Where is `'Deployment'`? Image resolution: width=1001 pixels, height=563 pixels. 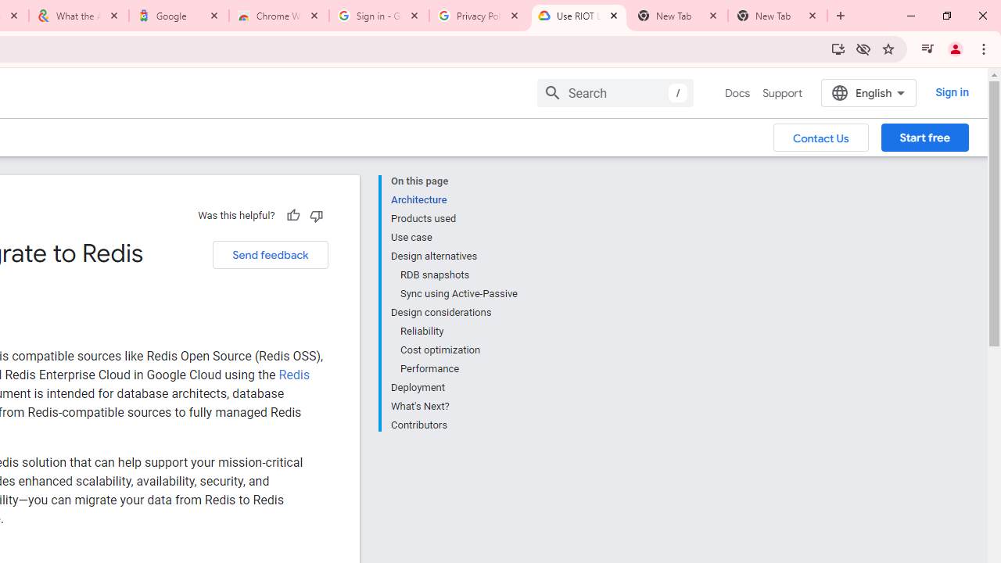 'Deployment' is located at coordinates (453, 387).